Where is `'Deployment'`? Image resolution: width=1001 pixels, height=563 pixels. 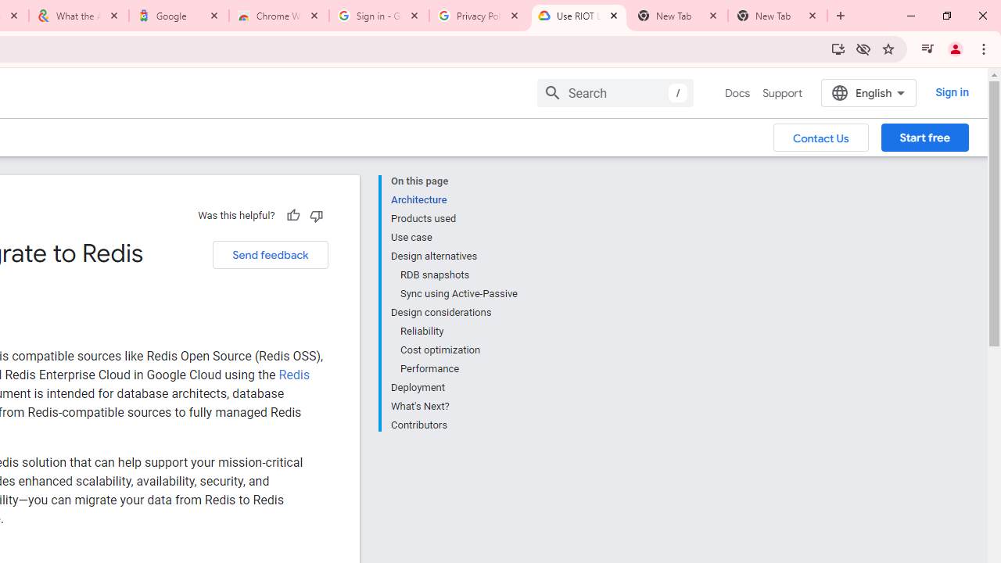 'Deployment' is located at coordinates (453, 387).